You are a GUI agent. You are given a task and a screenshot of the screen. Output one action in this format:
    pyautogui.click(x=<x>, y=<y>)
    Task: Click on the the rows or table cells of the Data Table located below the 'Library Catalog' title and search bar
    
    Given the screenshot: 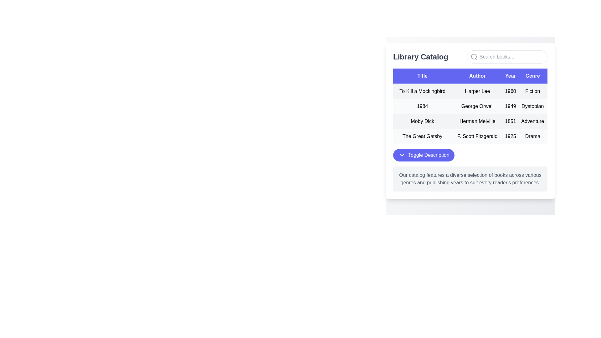 What is the action you would take?
    pyautogui.click(x=470, y=114)
    